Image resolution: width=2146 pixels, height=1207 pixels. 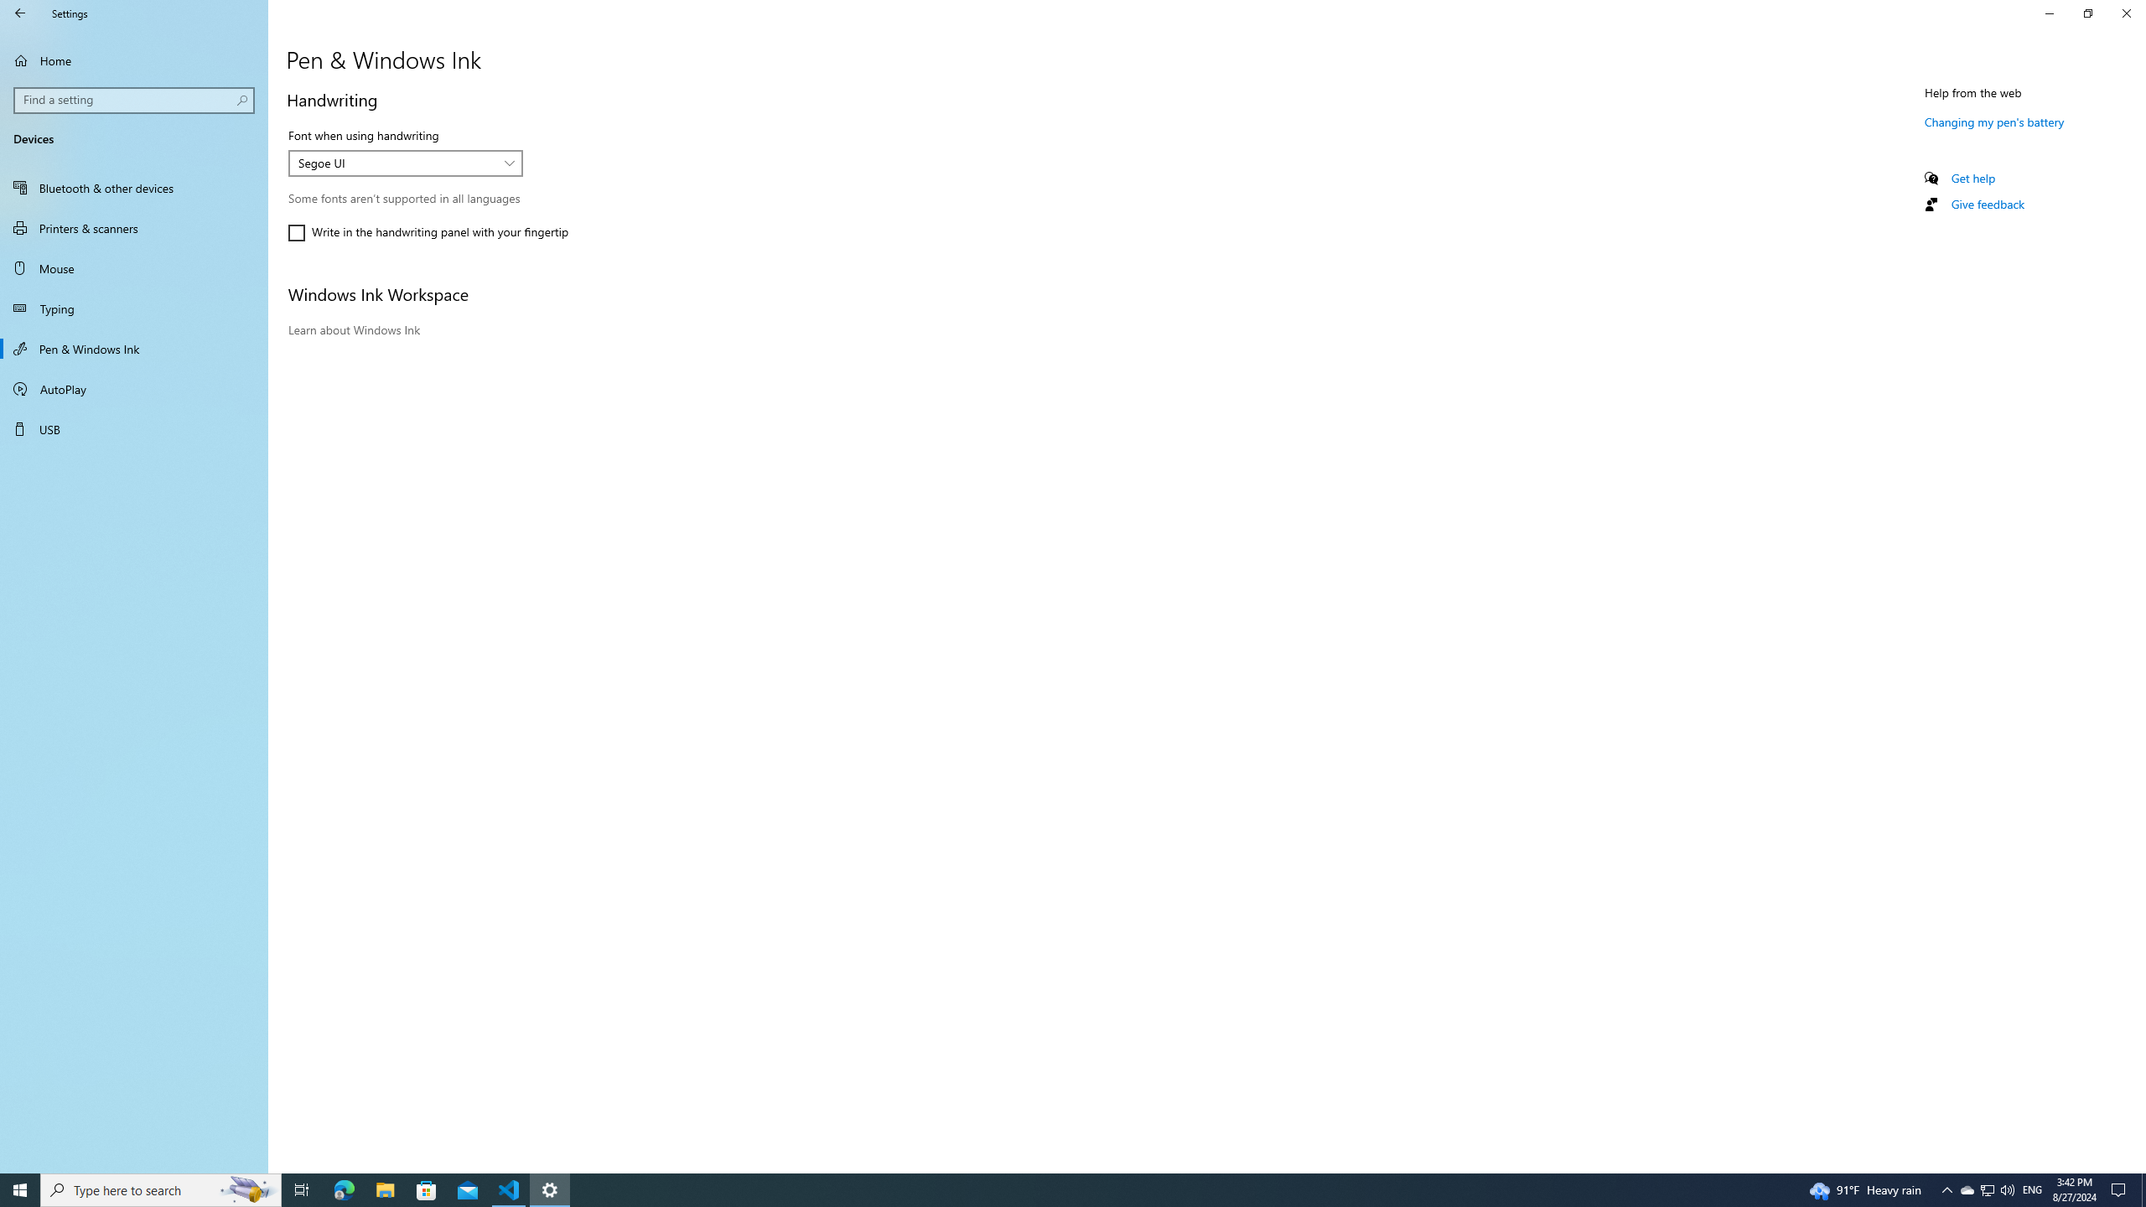 I want to click on 'Font when using handwriting', so click(x=404, y=163).